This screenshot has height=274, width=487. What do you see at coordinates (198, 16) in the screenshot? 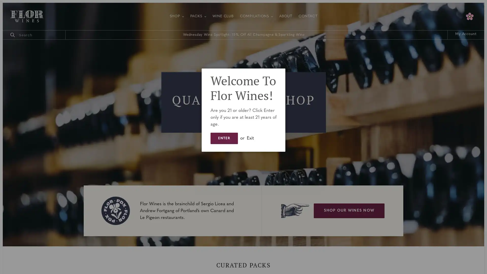
I see `PACKS` at bounding box center [198, 16].